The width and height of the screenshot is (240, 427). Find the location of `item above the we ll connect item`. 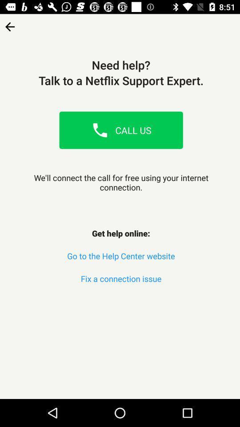

item above the we ll connect item is located at coordinates (100, 129).